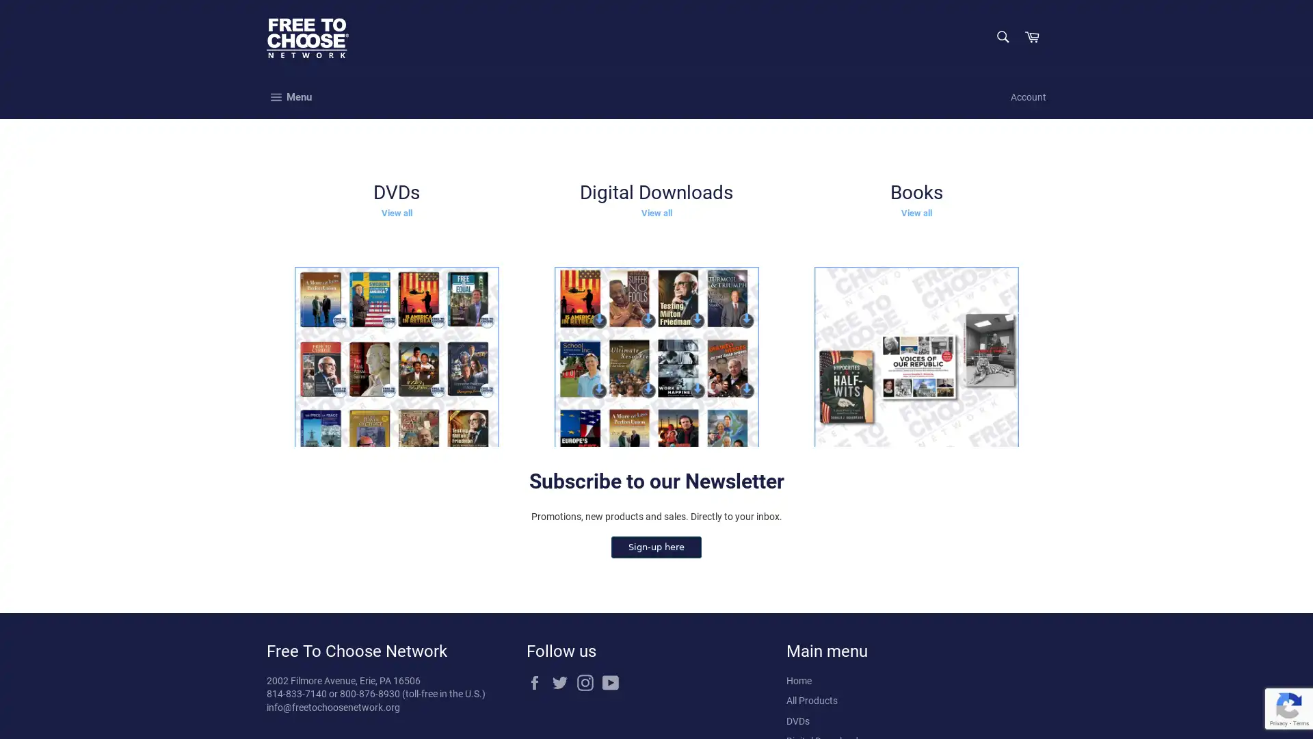 This screenshot has height=739, width=1313. I want to click on Search, so click(1001, 36).